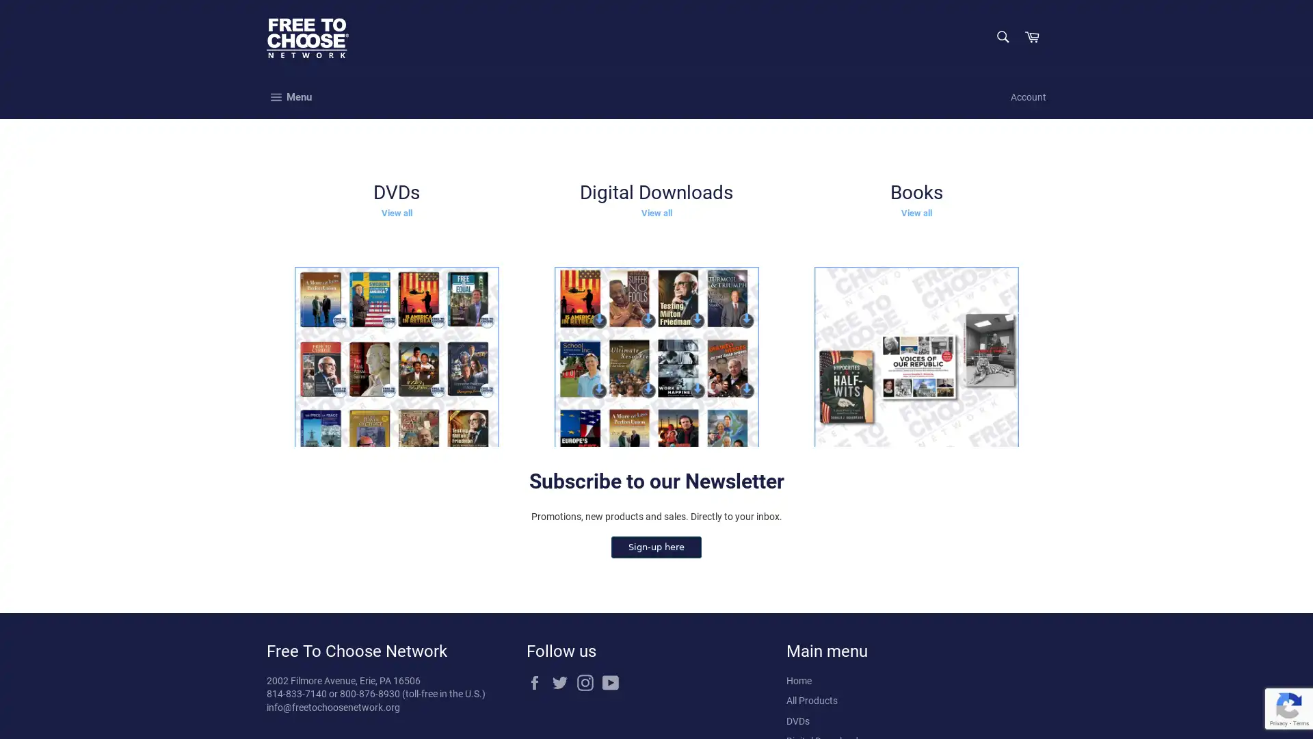 This screenshot has height=739, width=1313. I want to click on Search, so click(1001, 36).